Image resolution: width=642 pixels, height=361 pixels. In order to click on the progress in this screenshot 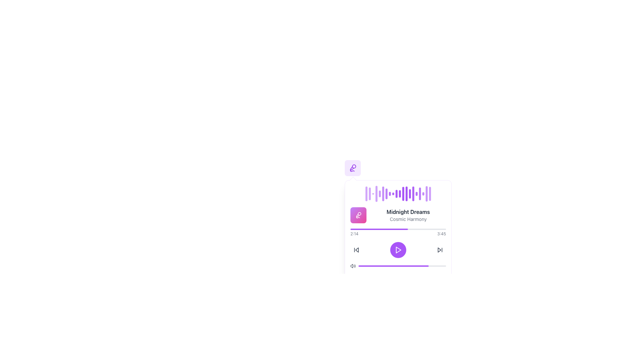, I will do `click(374, 265)`.